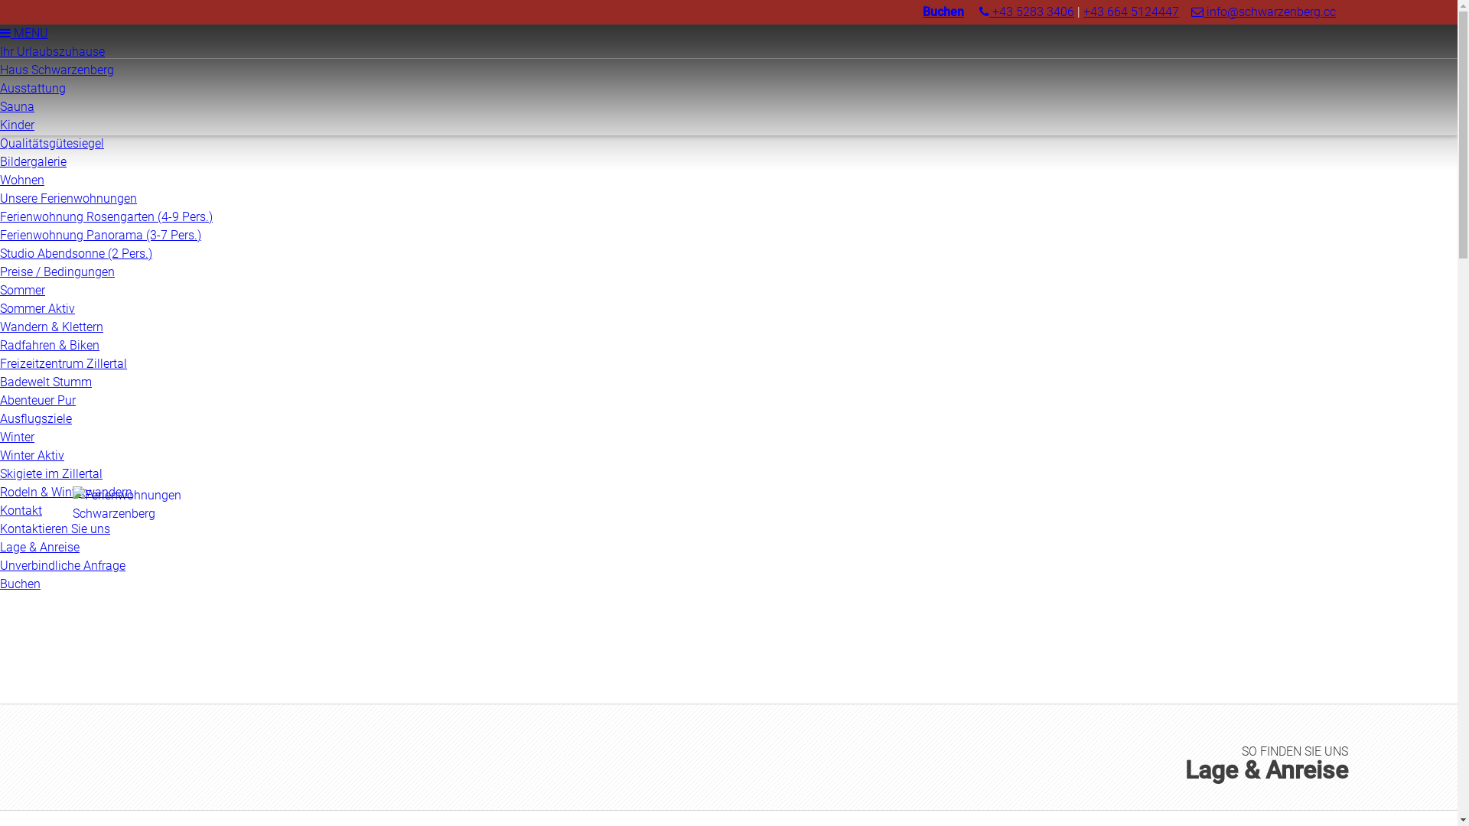 The image size is (1469, 826). Describe the element at coordinates (17, 106) in the screenshot. I see `'Sauna'` at that location.